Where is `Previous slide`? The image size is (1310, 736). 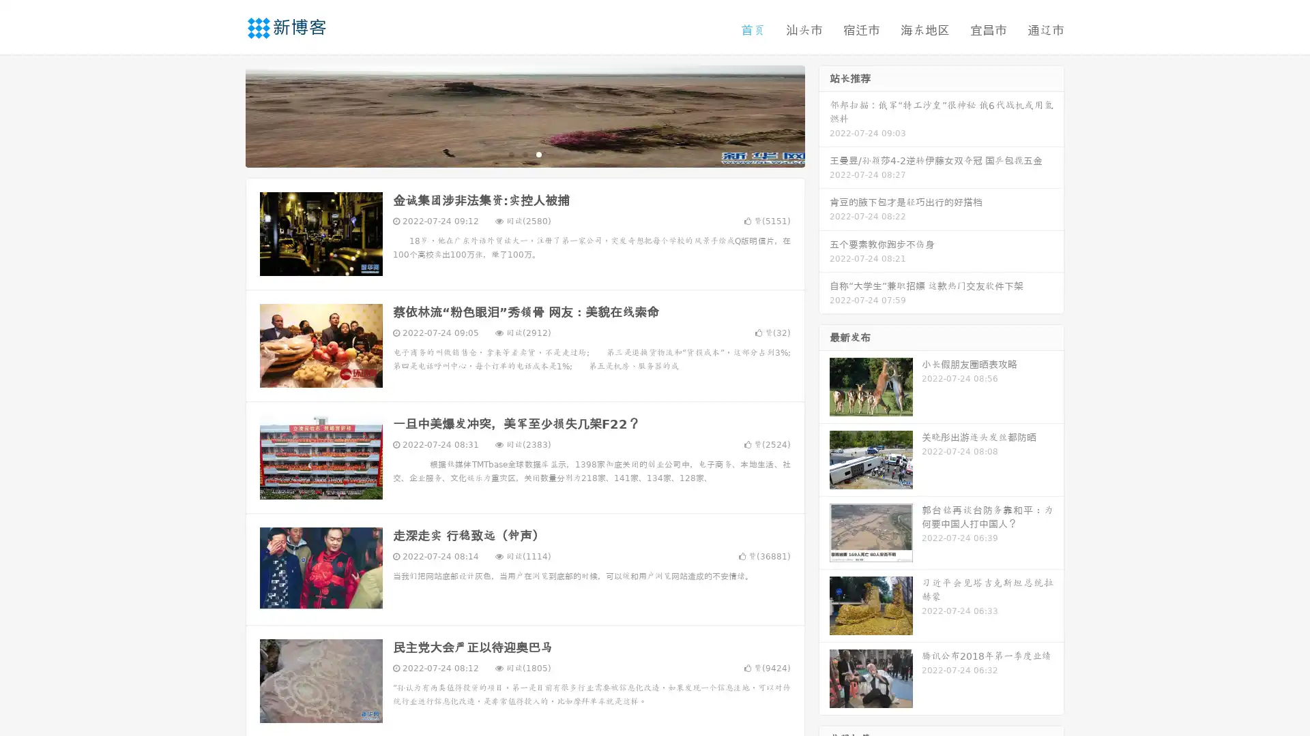
Previous slide is located at coordinates (225, 114).